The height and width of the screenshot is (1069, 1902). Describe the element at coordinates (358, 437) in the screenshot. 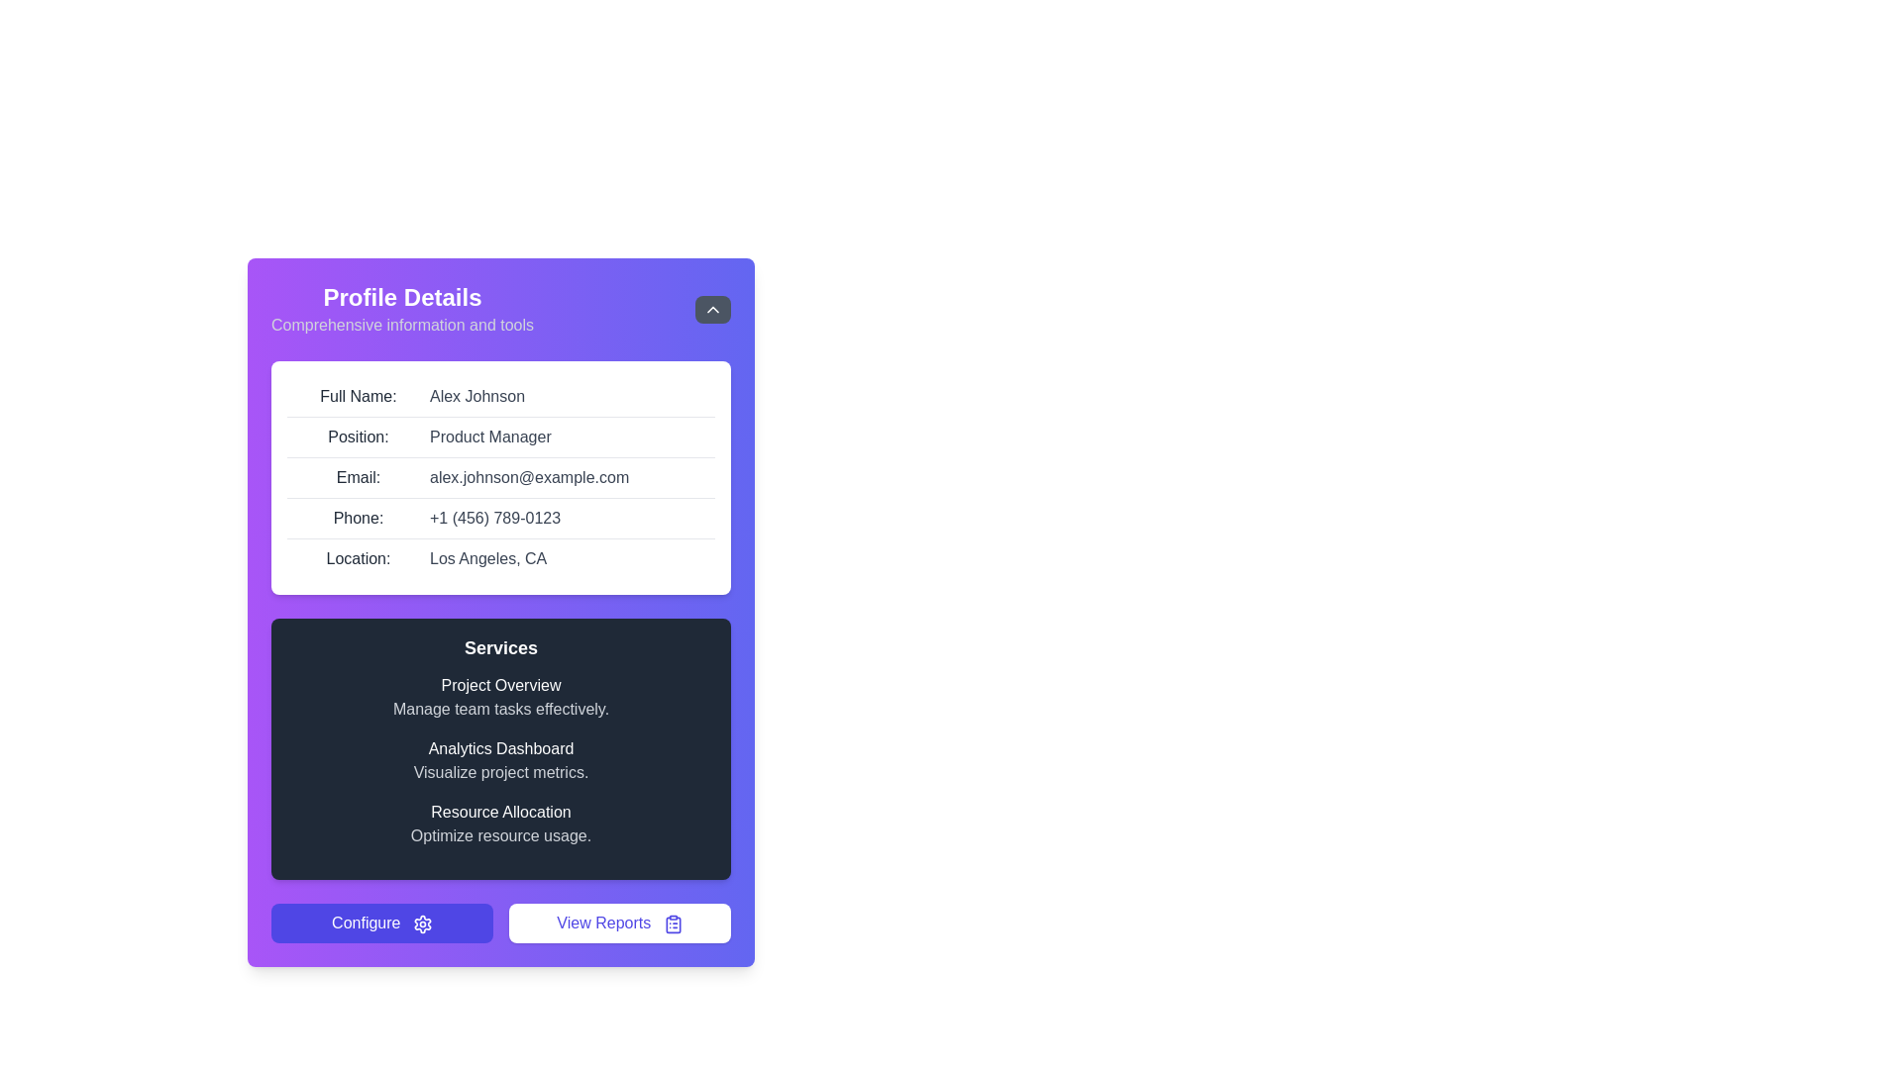

I see `the Text label that describes the user's position as 'Product Manager', located in the profile details component, between 'Full Name:' and 'Email:' rows` at that location.